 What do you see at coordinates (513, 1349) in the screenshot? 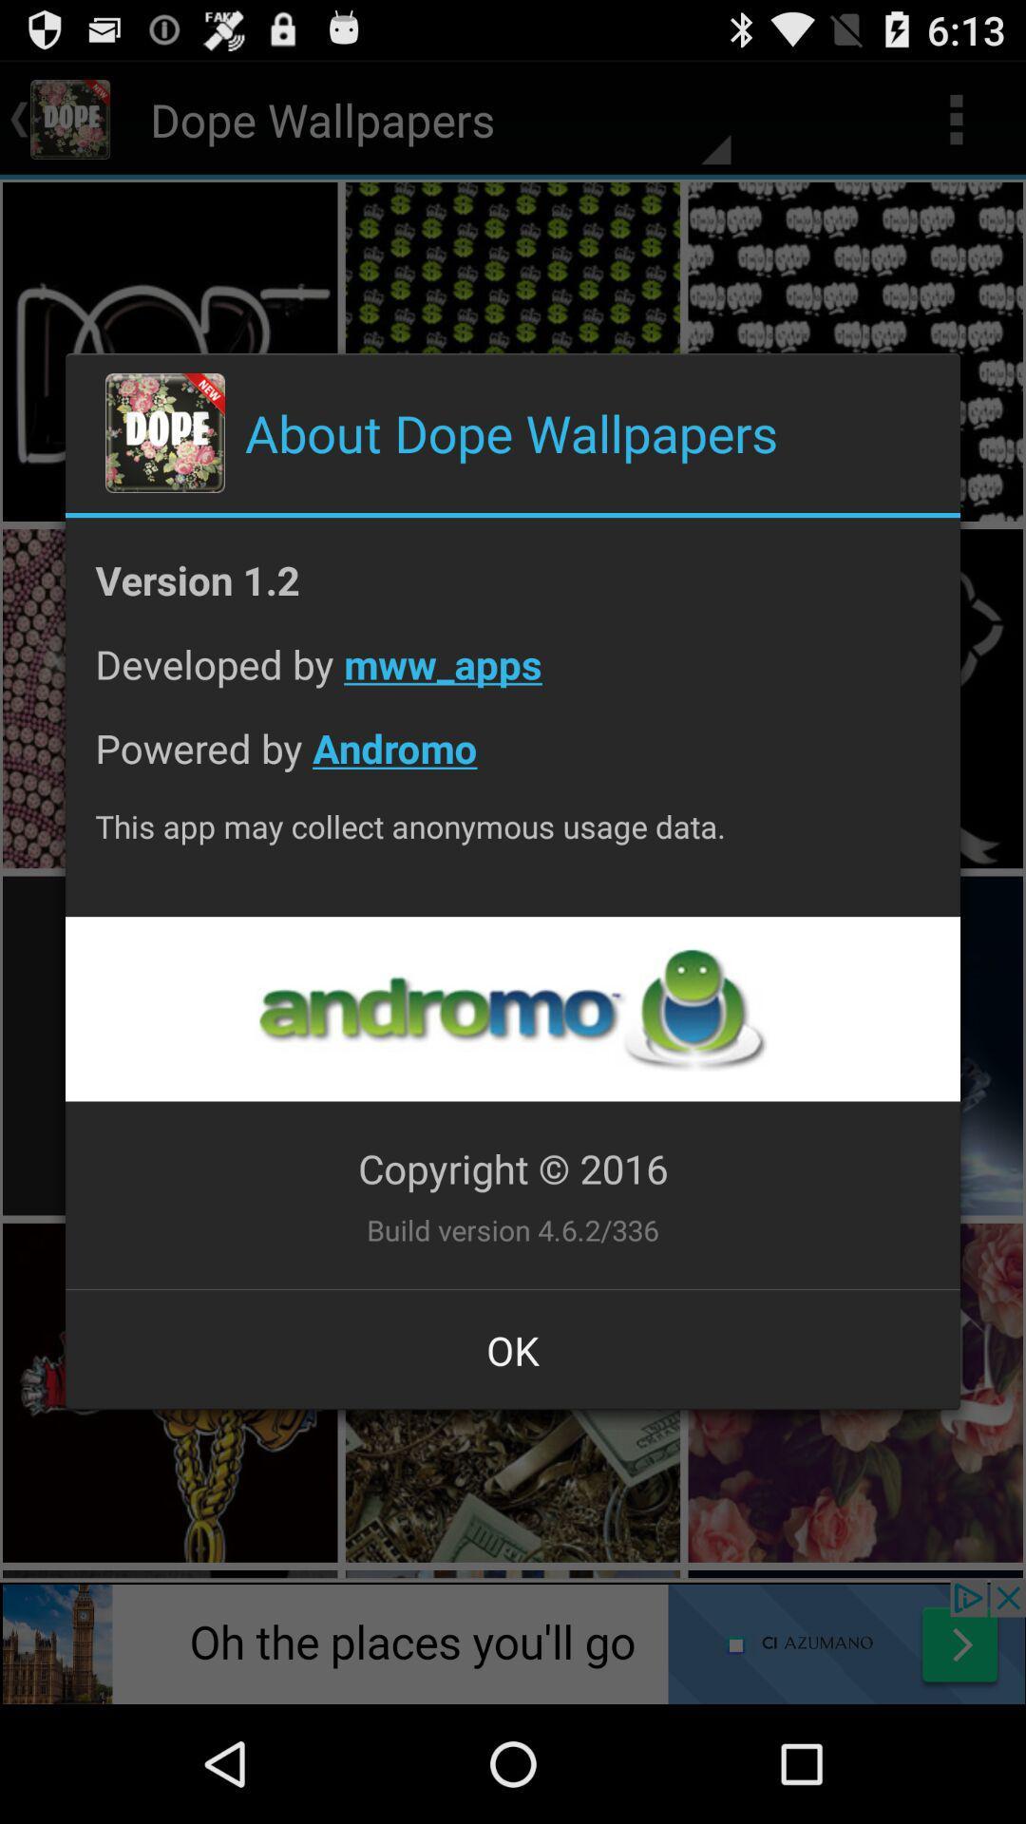
I see `the ok` at bounding box center [513, 1349].